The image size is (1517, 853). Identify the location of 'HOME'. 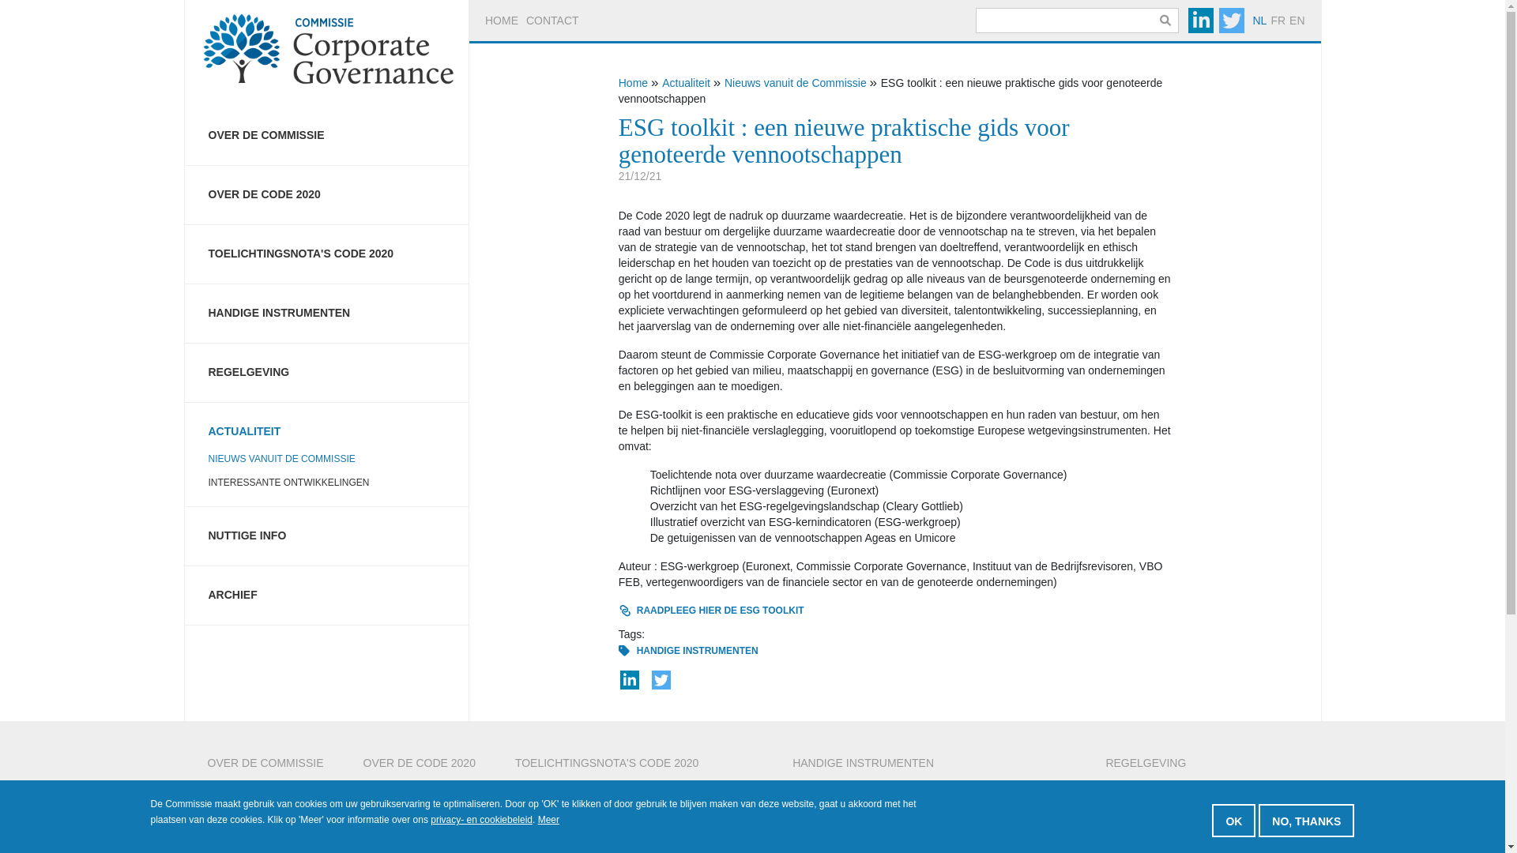
(500, 21).